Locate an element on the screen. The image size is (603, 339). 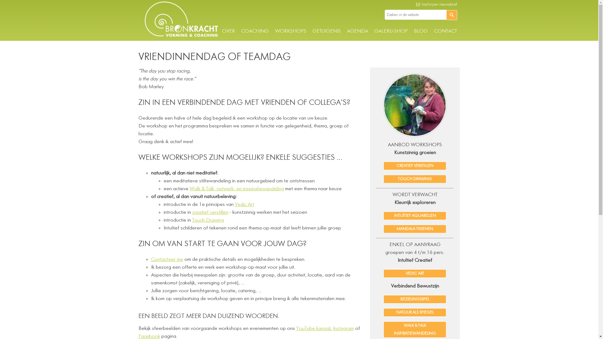
'CREATIEF VERSTILLEN' is located at coordinates (415, 165).